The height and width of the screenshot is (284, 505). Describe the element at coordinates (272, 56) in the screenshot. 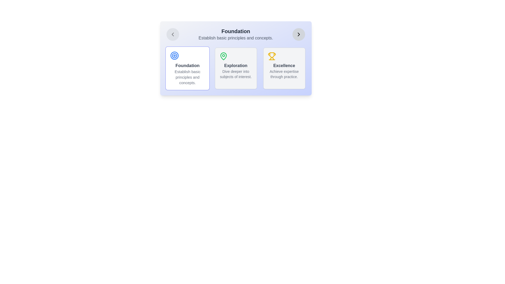

I see `the 'Excellence' icon located at the top of the rightmost card in a tri-card layout, which represents the concept of success and achievement` at that location.